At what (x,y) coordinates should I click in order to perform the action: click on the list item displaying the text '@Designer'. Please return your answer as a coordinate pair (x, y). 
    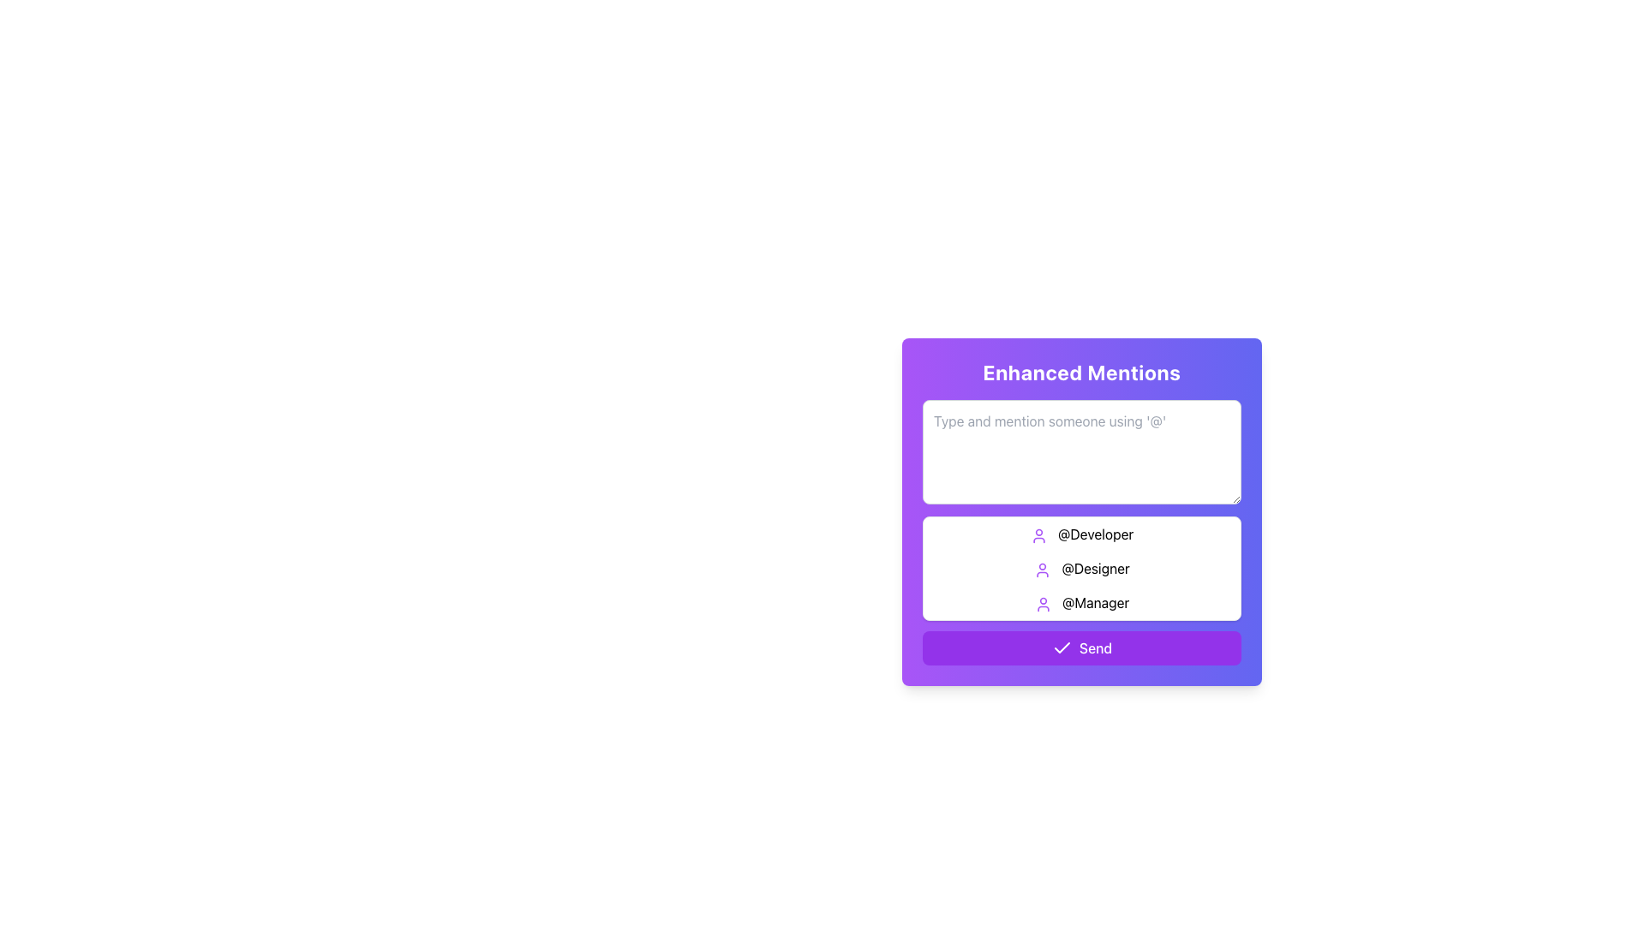
    Looking at the image, I should click on (1080, 568).